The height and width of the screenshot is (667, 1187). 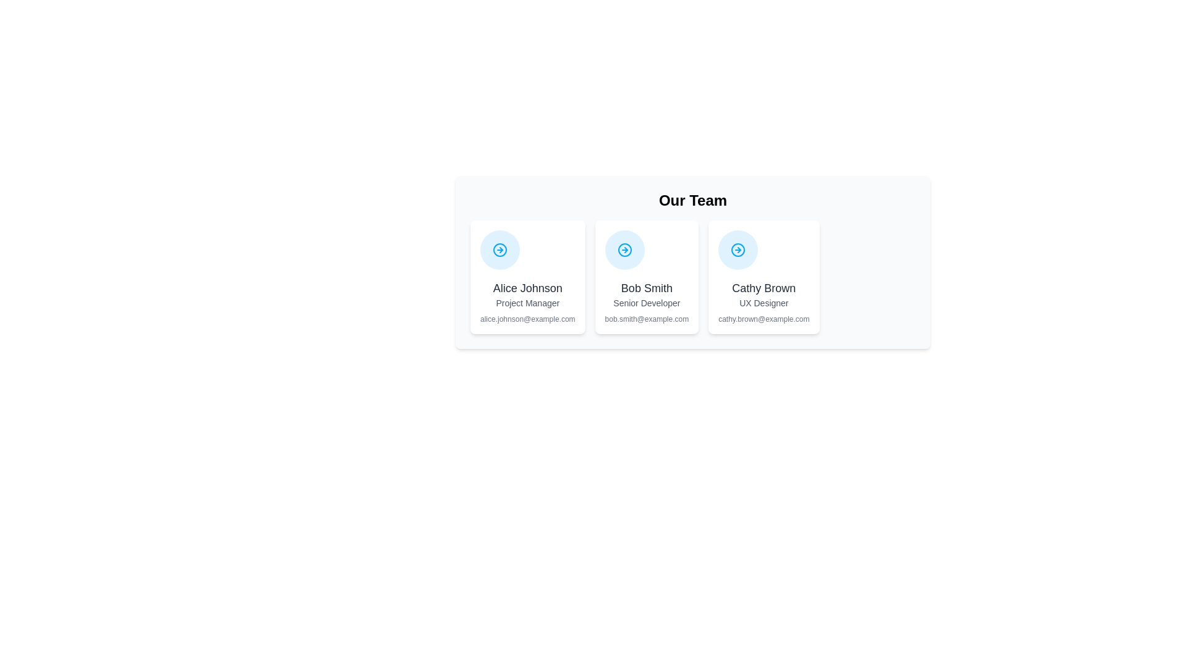 I want to click on the navigation icon for Cathy Brown, UX Designer, which is the third icon in the horizontal arrangement within the profile section, so click(x=738, y=250).